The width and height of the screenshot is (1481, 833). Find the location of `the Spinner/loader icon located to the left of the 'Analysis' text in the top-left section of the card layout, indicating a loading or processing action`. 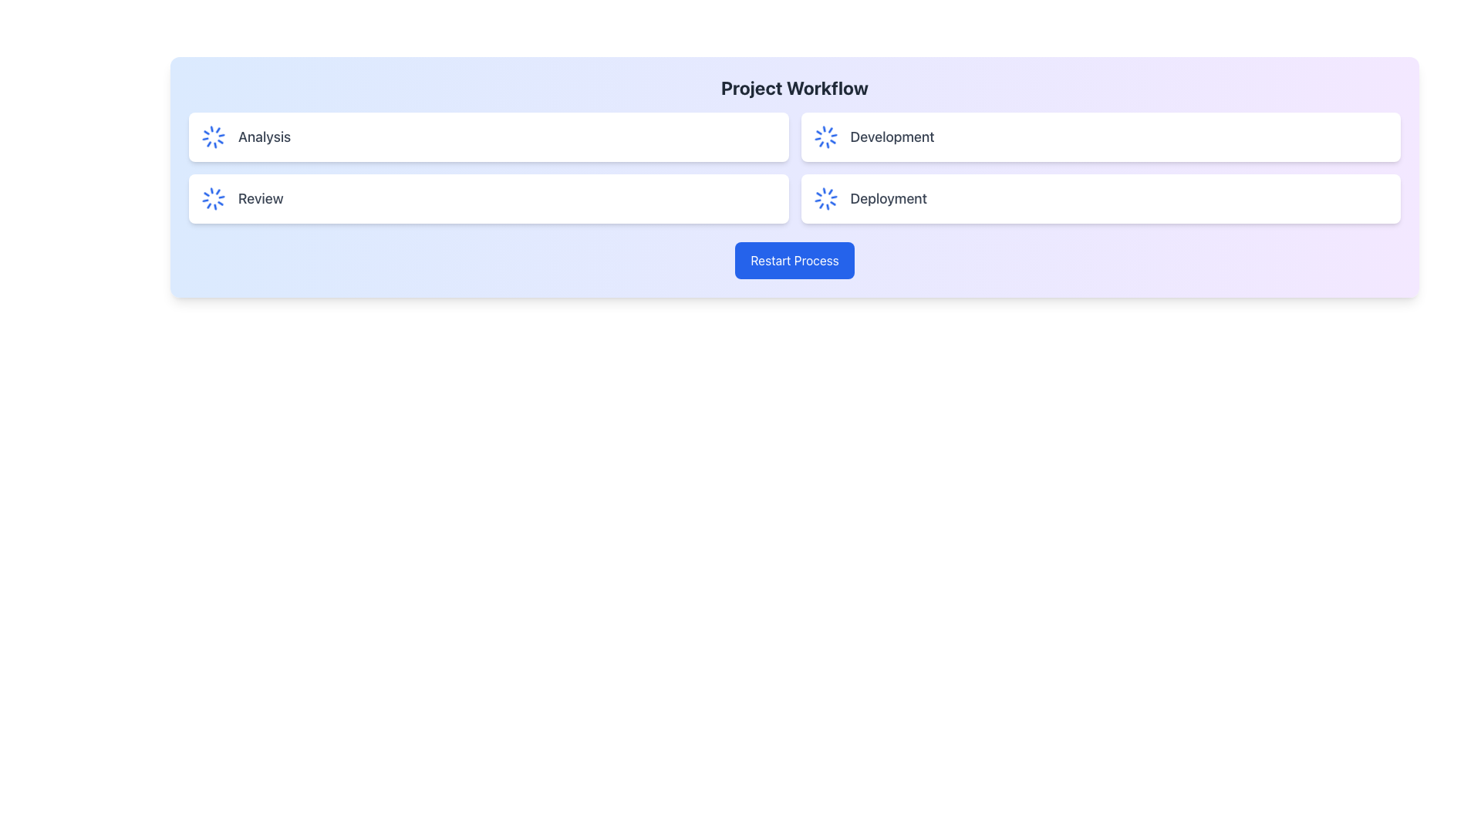

the Spinner/loader icon located to the left of the 'Analysis' text in the top-left section of the card layout, indicating a loading or processing action is located at coordinates (213, 136).